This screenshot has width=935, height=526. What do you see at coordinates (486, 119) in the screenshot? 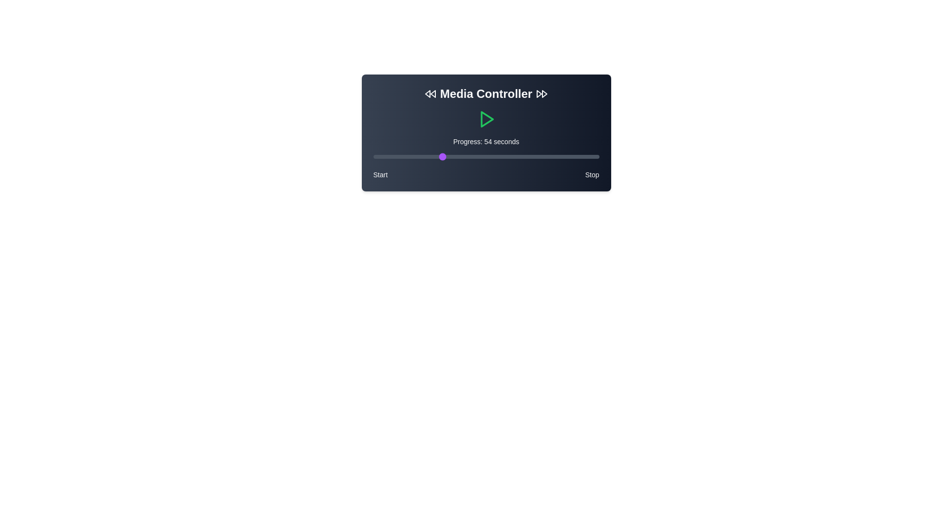
I see `the play button to start media playback` at bounding box center [486, 119].